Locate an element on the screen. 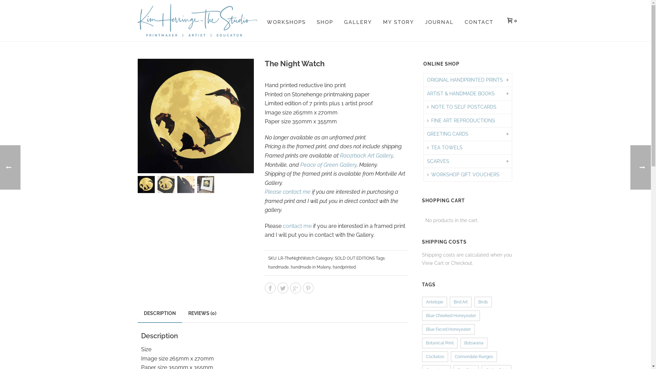 The image size is (656, 369). 'Birds' is located at coordinates (474, 301).